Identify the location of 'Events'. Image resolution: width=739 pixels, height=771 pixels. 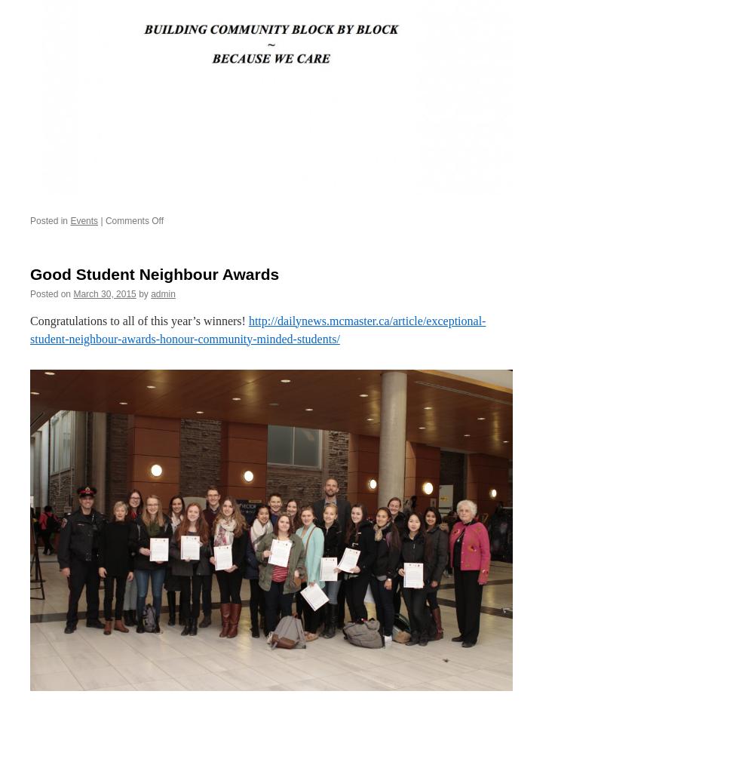
(84, 220).